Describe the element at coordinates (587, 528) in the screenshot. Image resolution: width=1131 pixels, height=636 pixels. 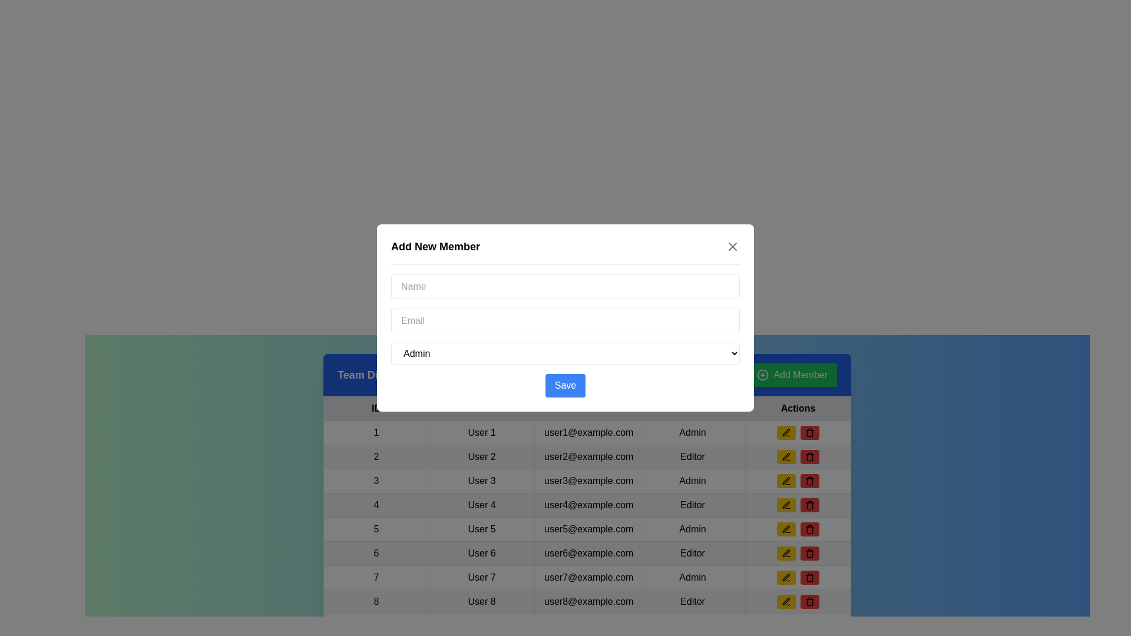
I see `the text label displaying 'user5@example.com' located in the third column of the fifth row of the table, which is part of a grid-like structure` at that location.